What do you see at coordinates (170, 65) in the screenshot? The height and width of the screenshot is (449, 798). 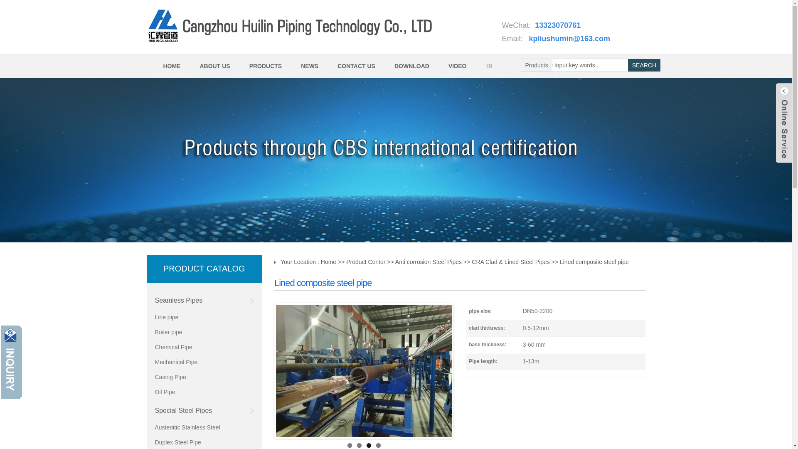 I see `'HOME'` at bounding box center [170, 65].